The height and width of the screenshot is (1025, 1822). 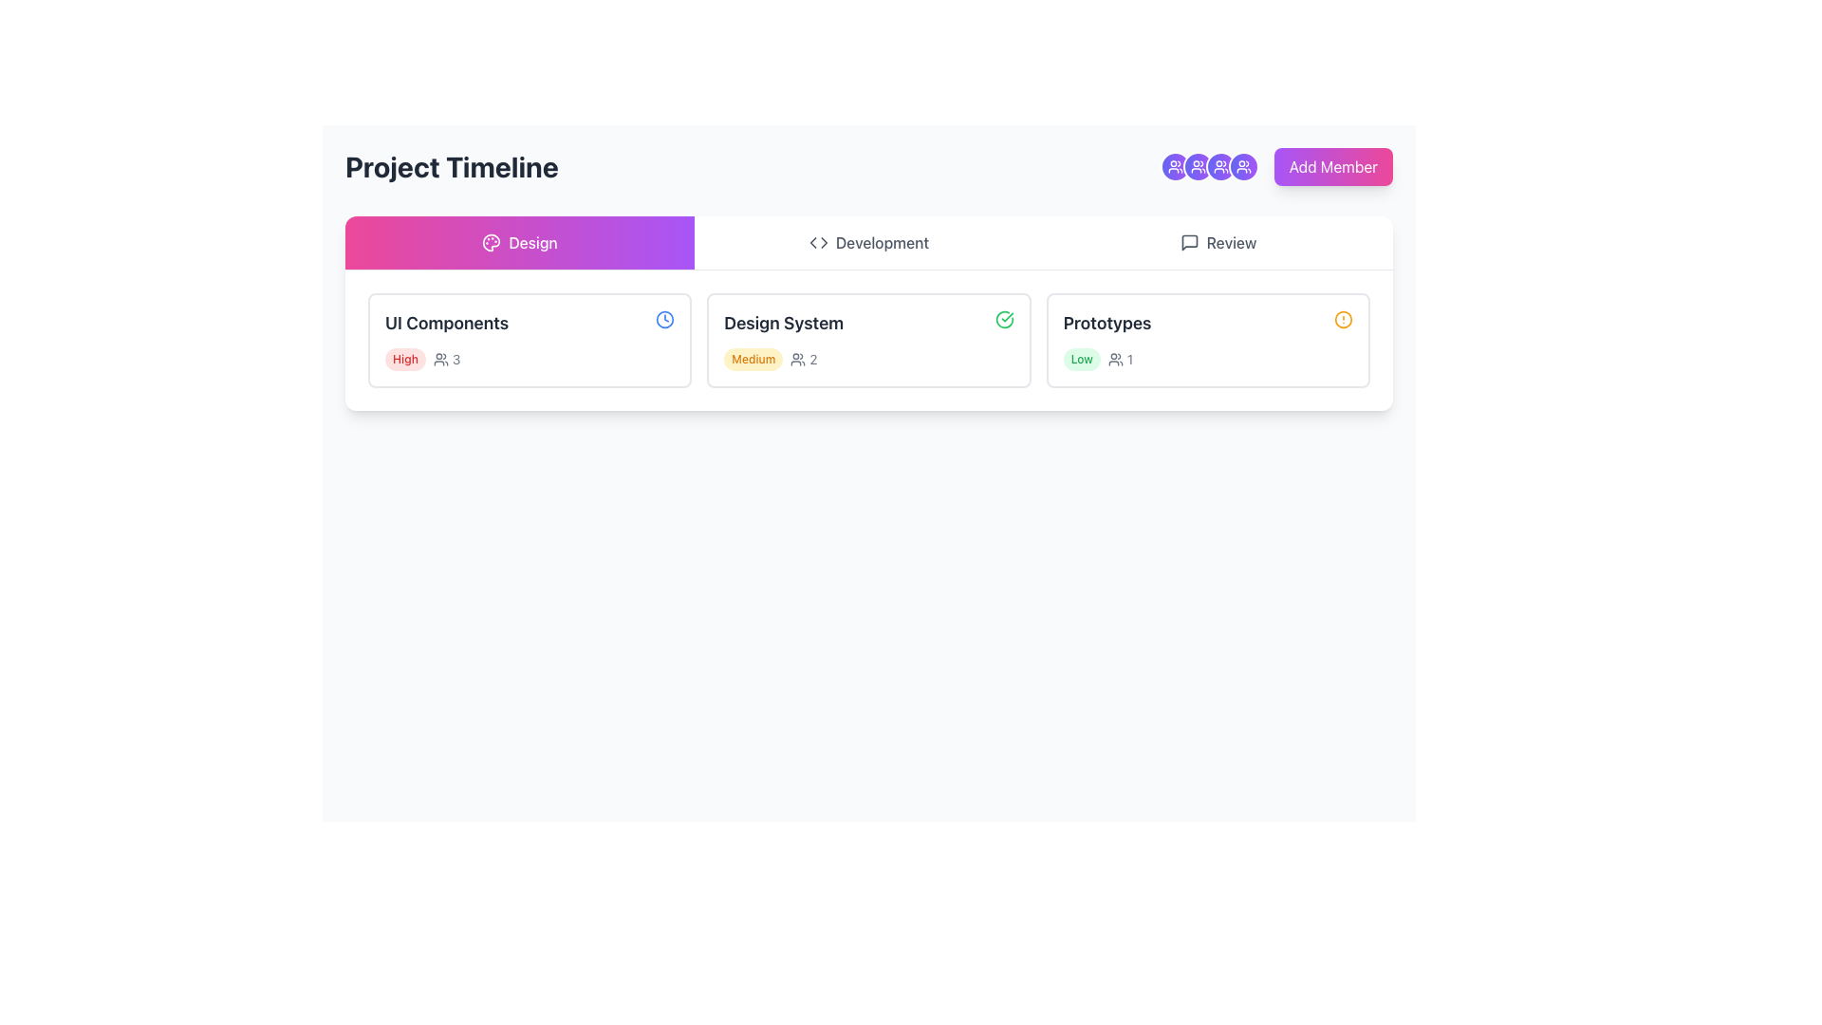 What do you see at coordinates (1107, 322) in the screenshot?
I see `text label 'Prototypes' located in the last card of the task cards under the 'Design' phase of the project timeline, positioned to the right of the 'Design System' card` at bounding box center [1107, 322].